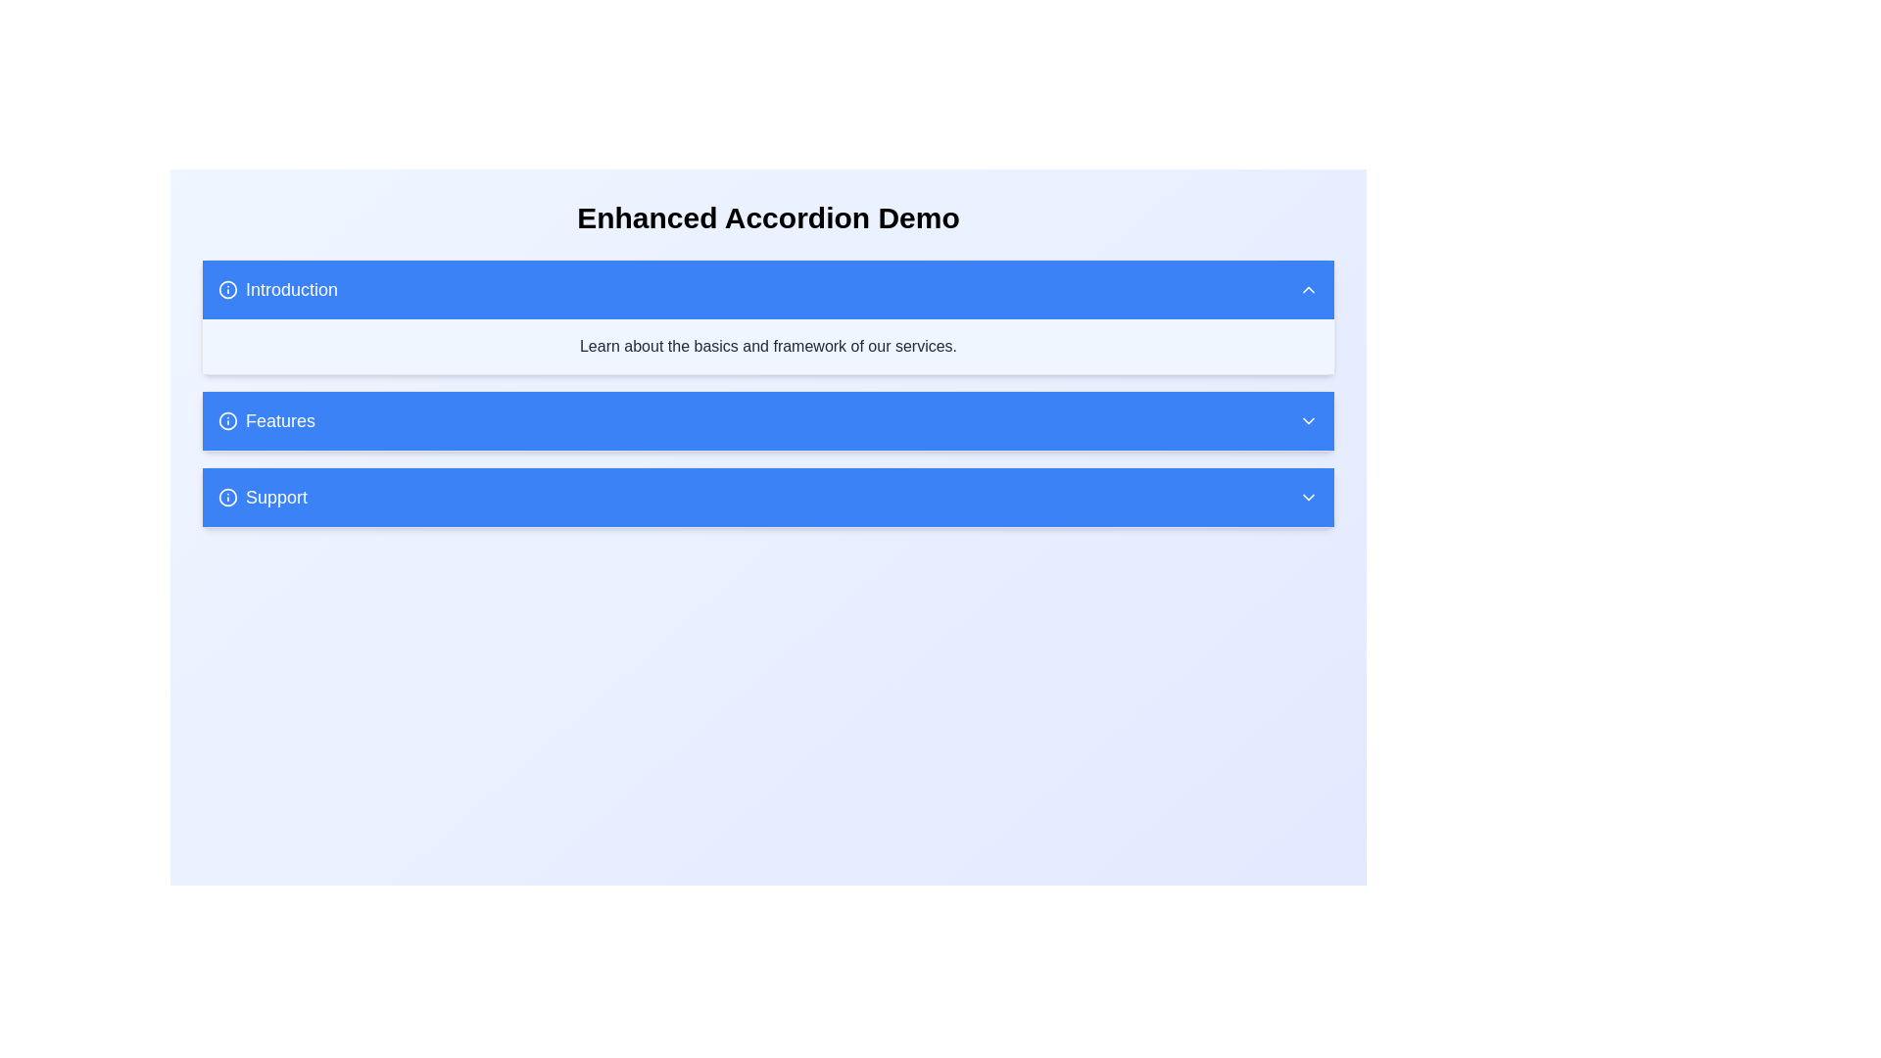 This screenshot has width=1881, height=1058. Describe the element at coordinates (276, 290) in the screenshot. I see `the blue rectangular button labeled 'Introduction'` at that location.